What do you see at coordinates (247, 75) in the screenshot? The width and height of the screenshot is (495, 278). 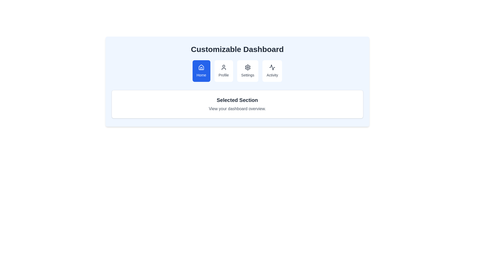 I see `the 'Settings' text label, which is displayed in gray color and located below the gear icon in the third button of a horizontal row labeled 'Home', 'Profile', 'Settings', and 'Activity'` at bounding box center [247, 75].